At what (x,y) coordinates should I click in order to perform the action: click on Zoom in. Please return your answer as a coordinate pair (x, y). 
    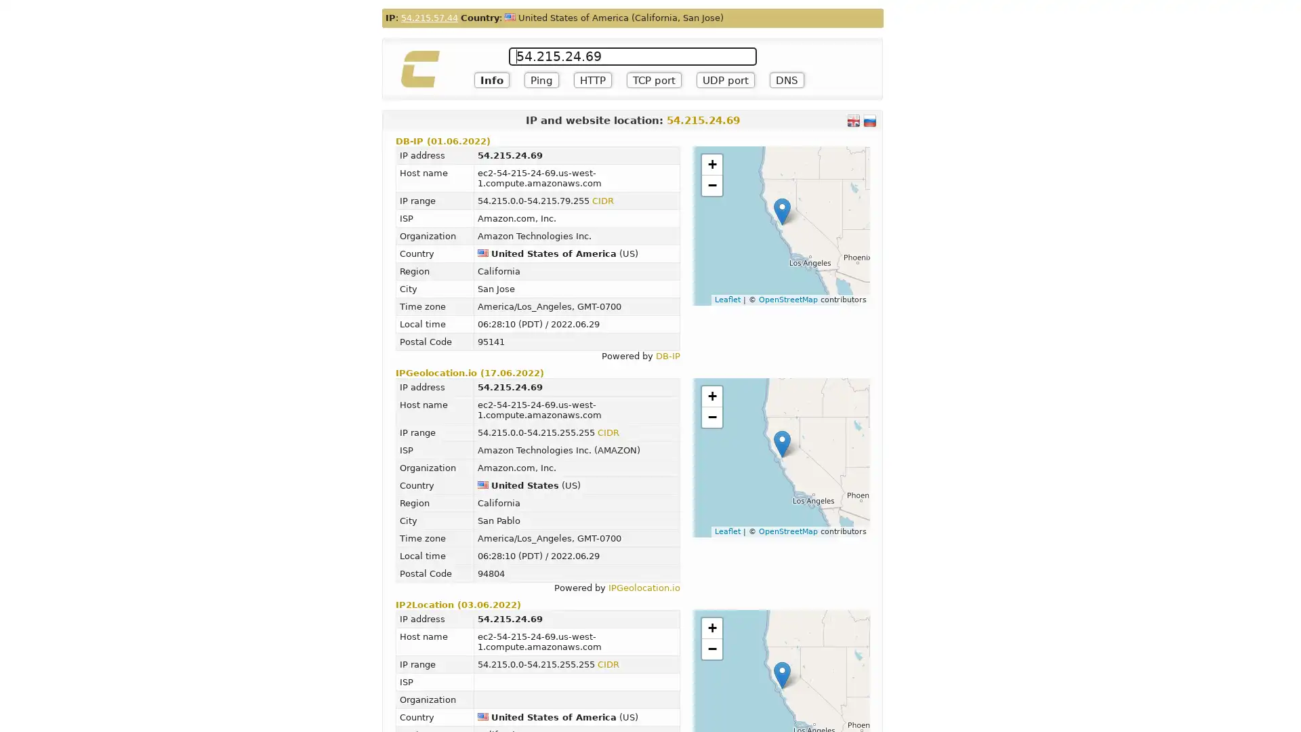
    Looking at the image, I should click on (711, 396).